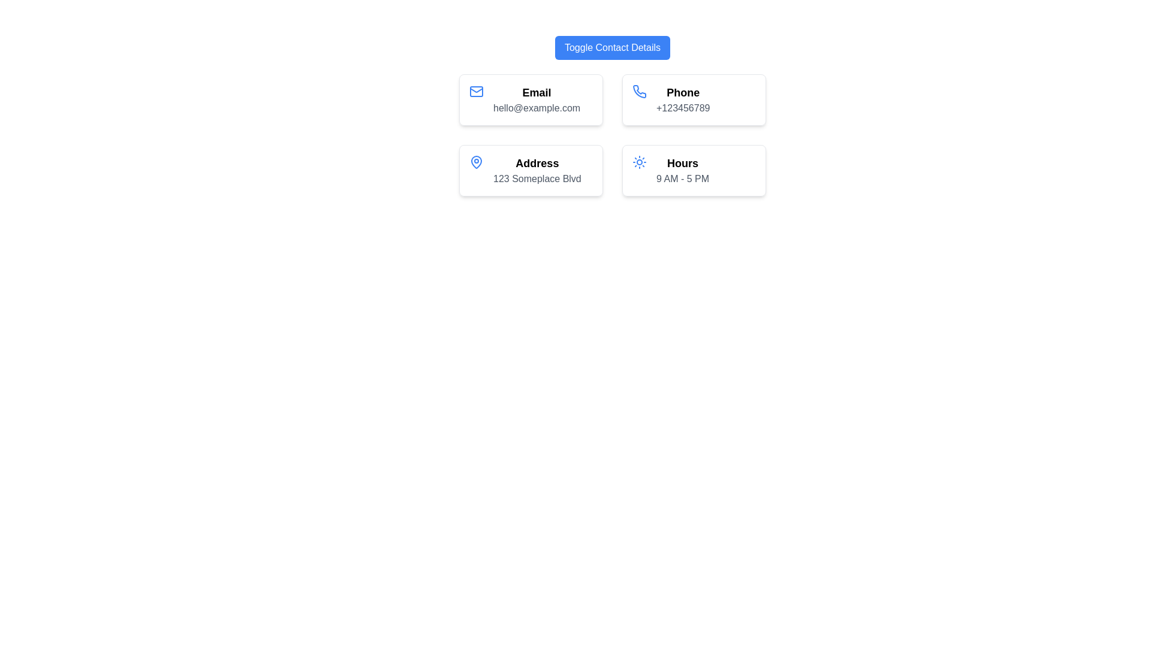  Describe the element at coordinates (537, 164) in the screenshot. I see `'Address' label text which is a bold heading located at the top of the 'Address' section in the bottom-left information card` at that location.